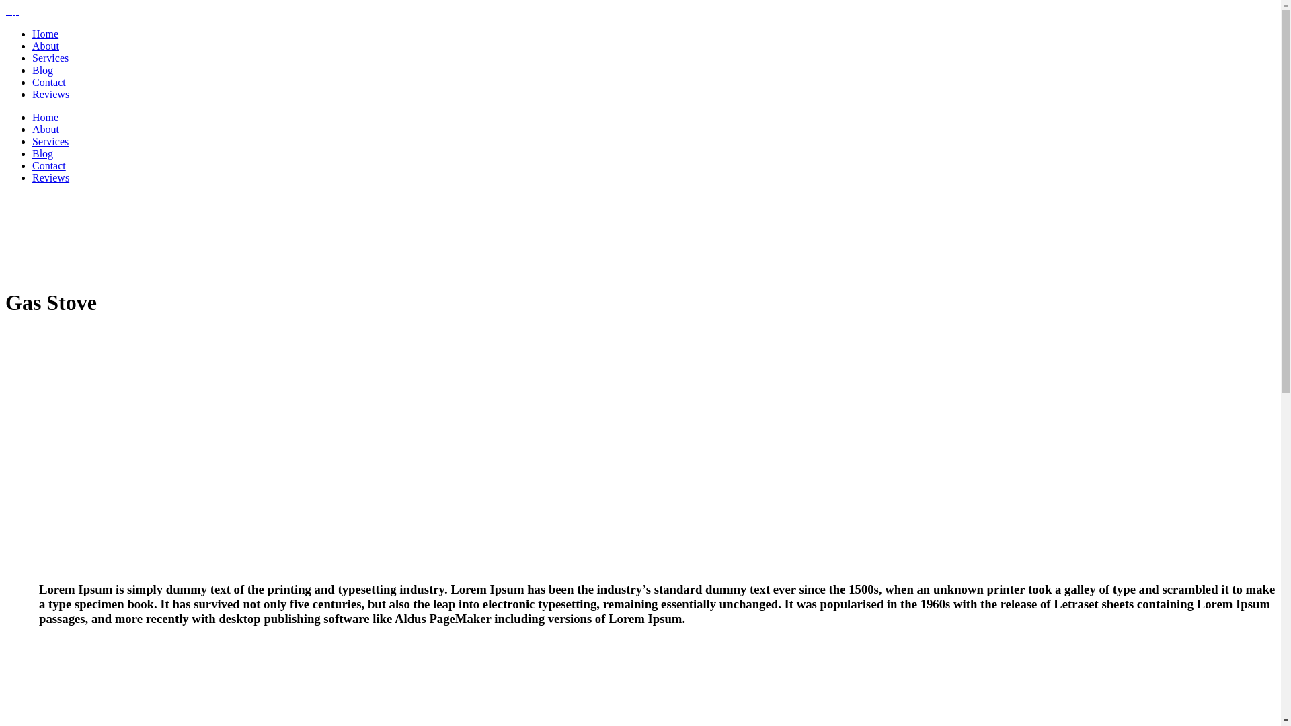 This screenshot has height=726, width=1291. Describe the element at coordinates (45, 129) in the screenshot. I see `'About'` at that location.